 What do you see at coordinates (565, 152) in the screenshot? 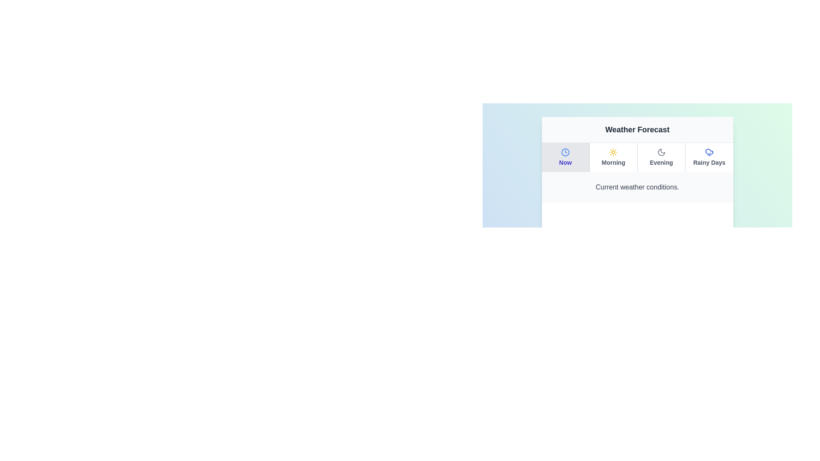
I see `the circular clock icon with a blue outline located above the label 'Now' in the top-left section of the menu` at bounding box center [565, 152].